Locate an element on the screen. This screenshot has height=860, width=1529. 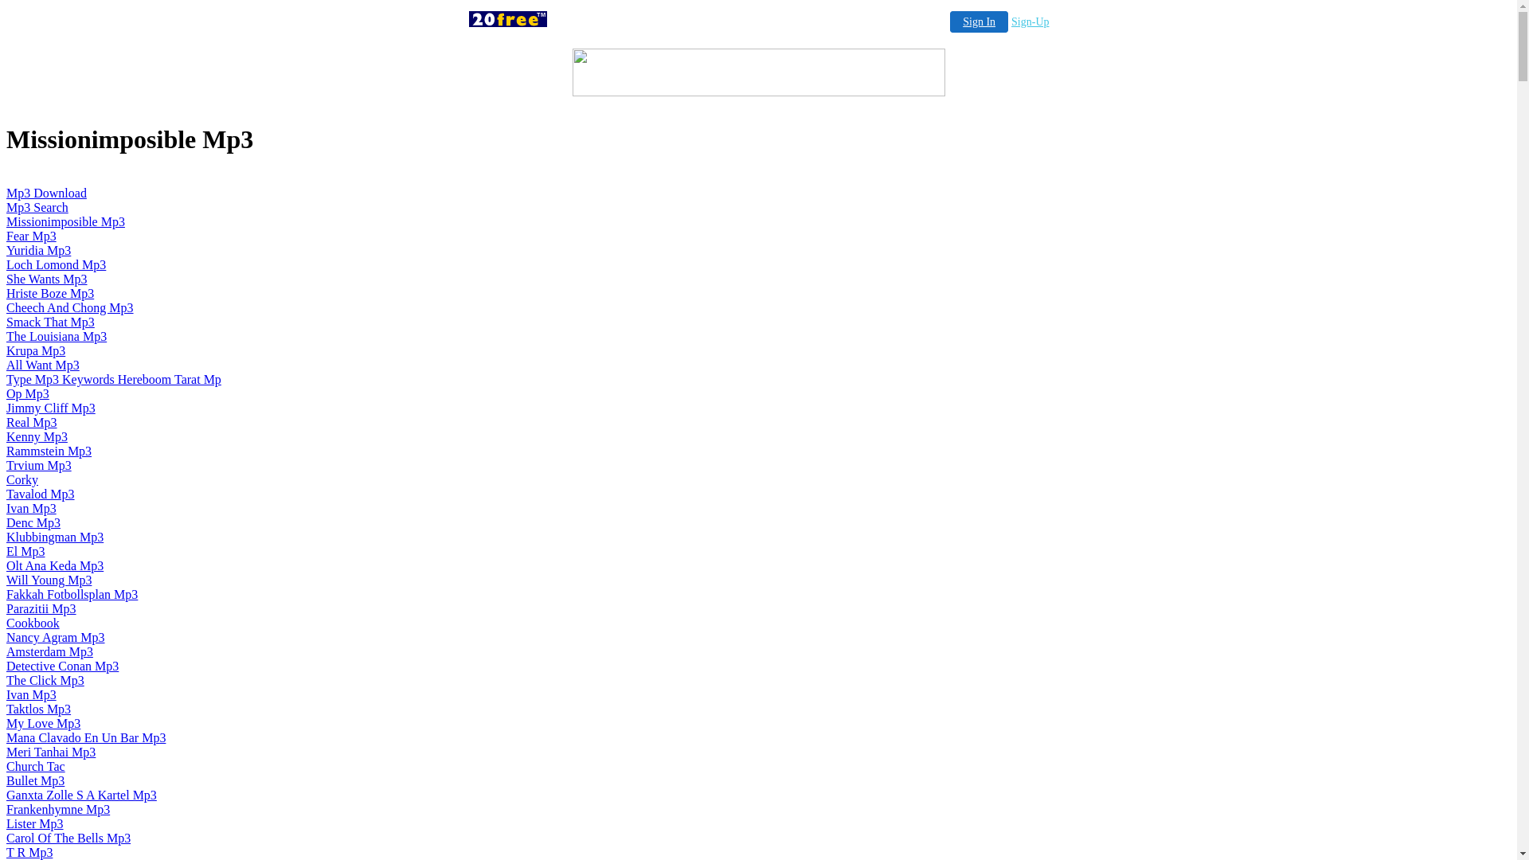
'Smack That Mp3' is located at coordinates (50, 322).